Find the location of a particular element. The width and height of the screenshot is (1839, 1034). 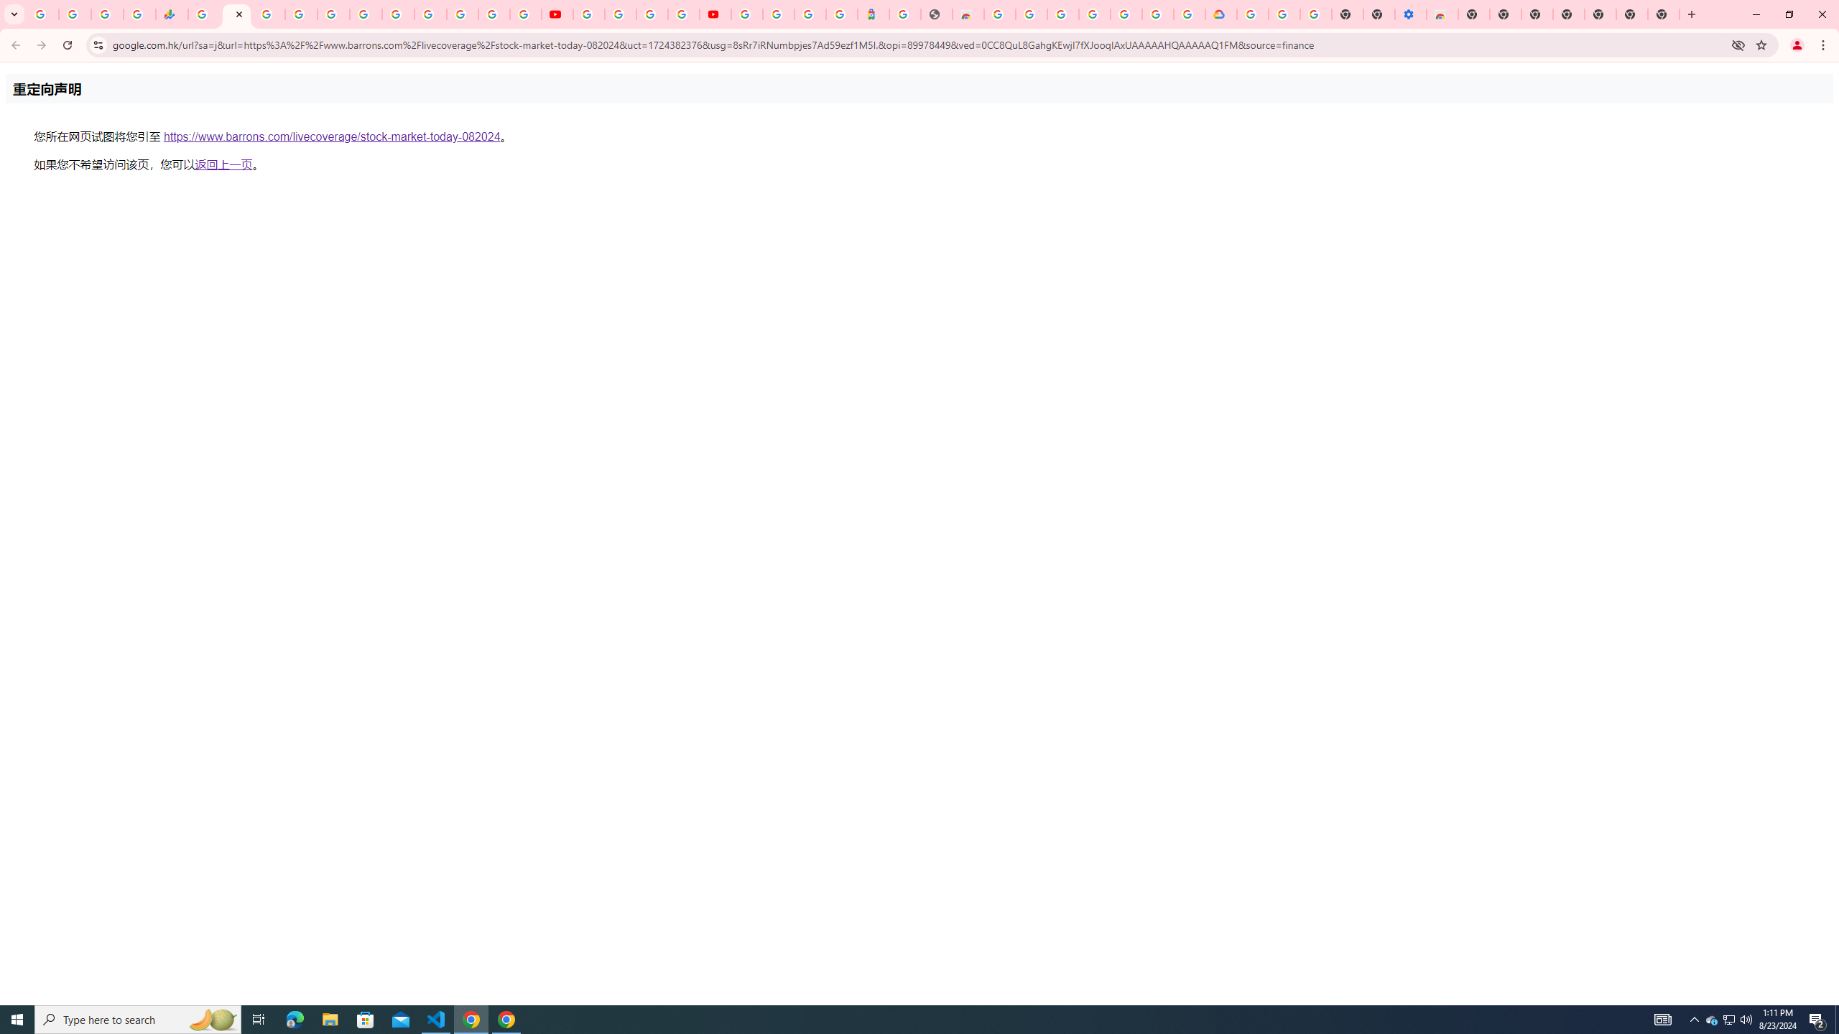

'Google Workspace Admin Community' is located at coordinates (43, 14).